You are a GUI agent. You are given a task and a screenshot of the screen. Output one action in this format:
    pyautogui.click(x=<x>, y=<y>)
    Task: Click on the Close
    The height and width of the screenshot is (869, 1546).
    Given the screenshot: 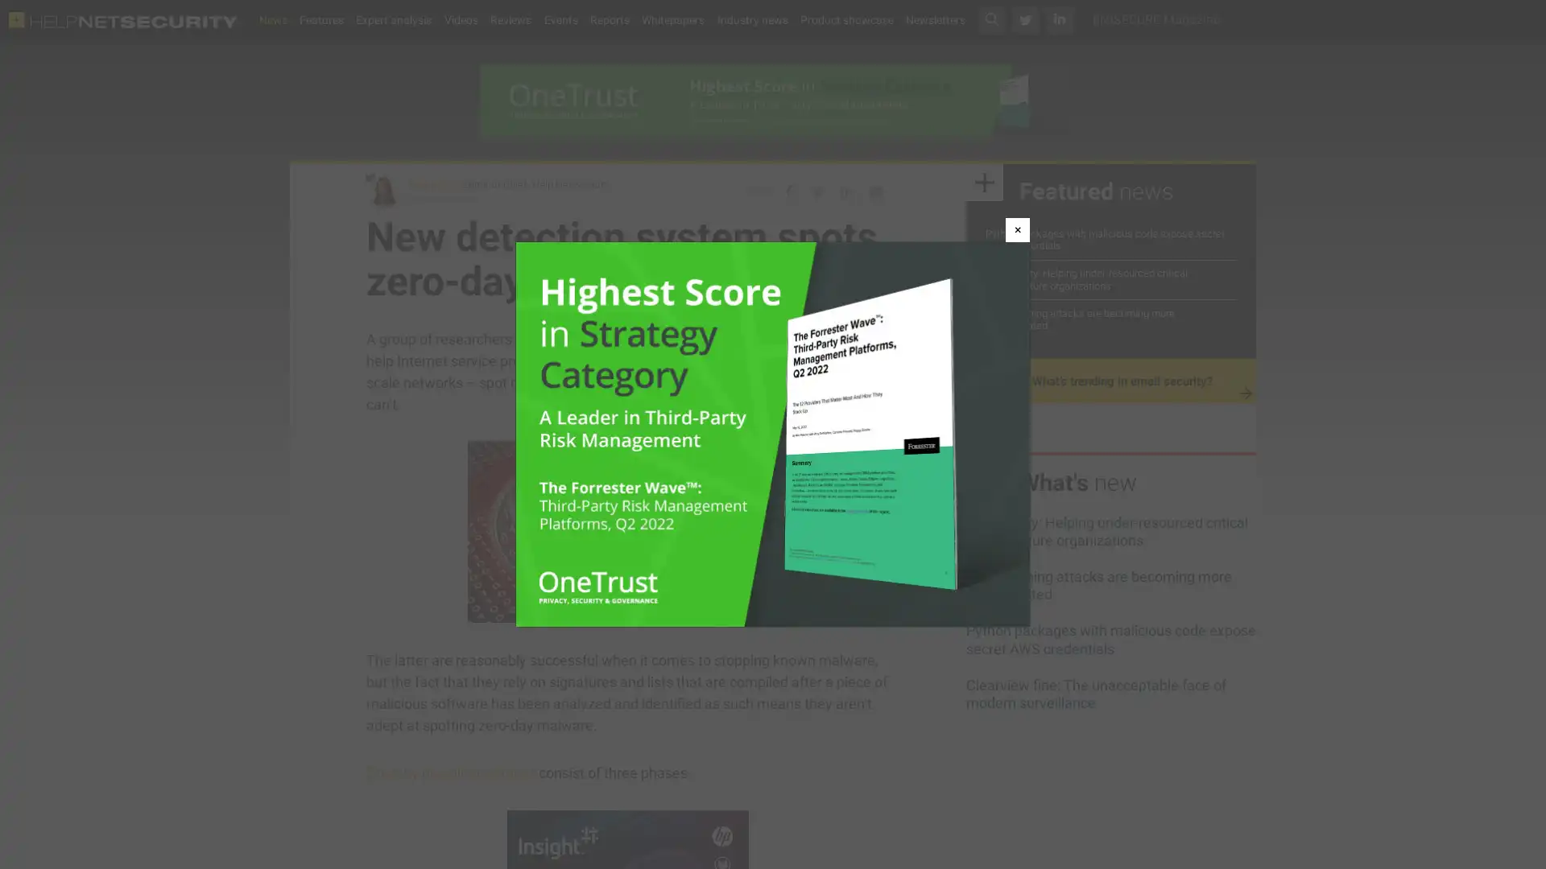 What is the action you would take?
    pyautogui.click(x=1016, y=229)
    